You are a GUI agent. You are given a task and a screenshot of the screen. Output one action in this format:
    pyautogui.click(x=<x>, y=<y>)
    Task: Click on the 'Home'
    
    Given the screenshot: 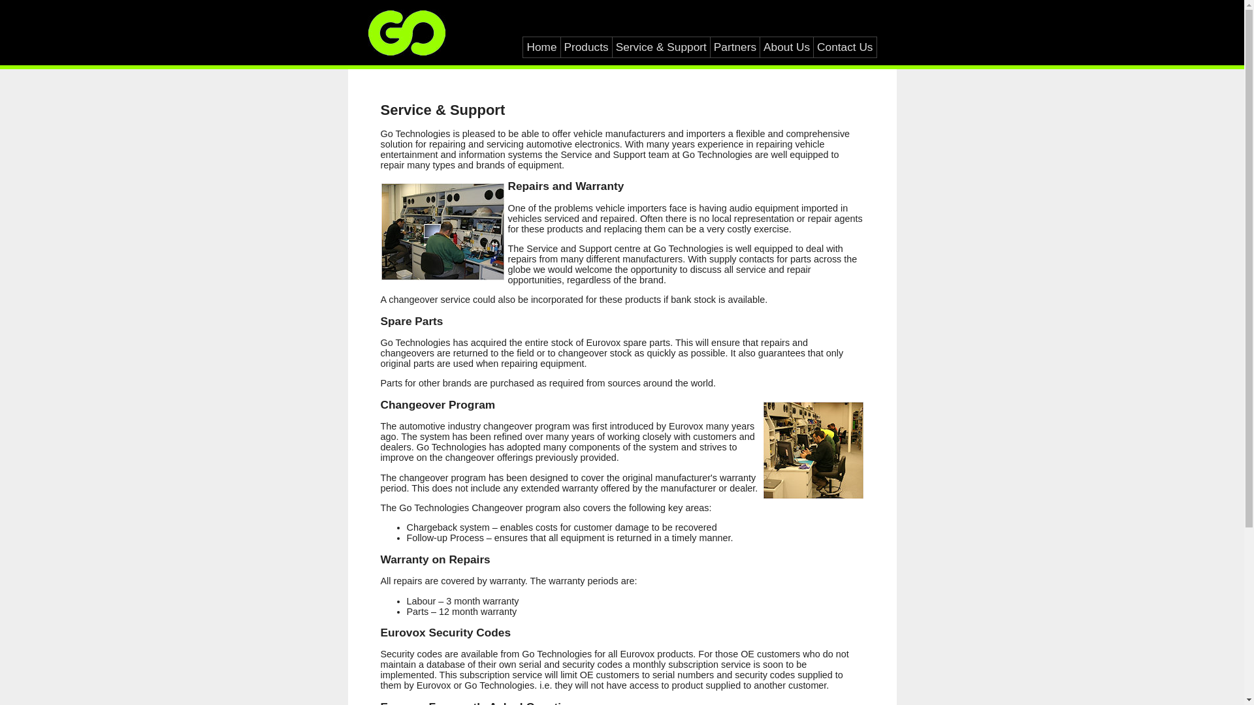 What is the action you would take?
    pyautogui.click(x=541, y=46)
    